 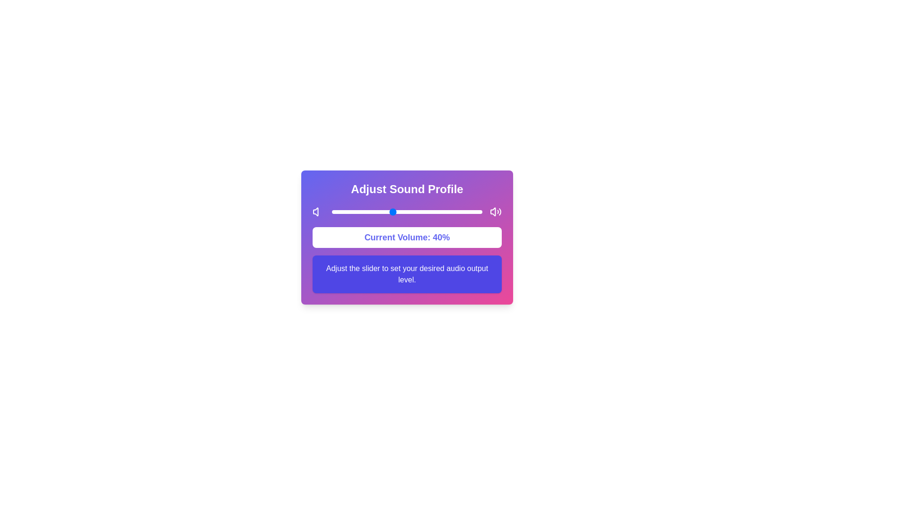 What do you see at coordinates (439, 211) in the screenshot?
I see `the slider to set the sound level to 72` at bounding box center [439, 211].